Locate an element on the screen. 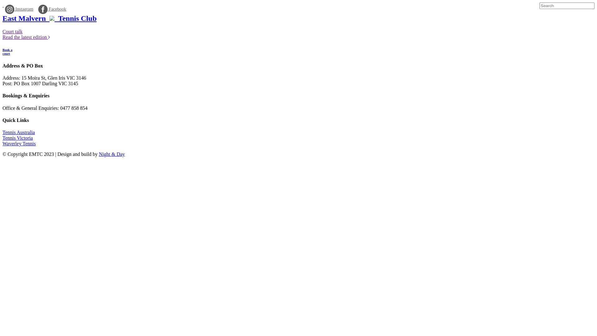 This screenshot has width=597, height=336. 'Tennis Australia' is located at coordinates (2, 132).